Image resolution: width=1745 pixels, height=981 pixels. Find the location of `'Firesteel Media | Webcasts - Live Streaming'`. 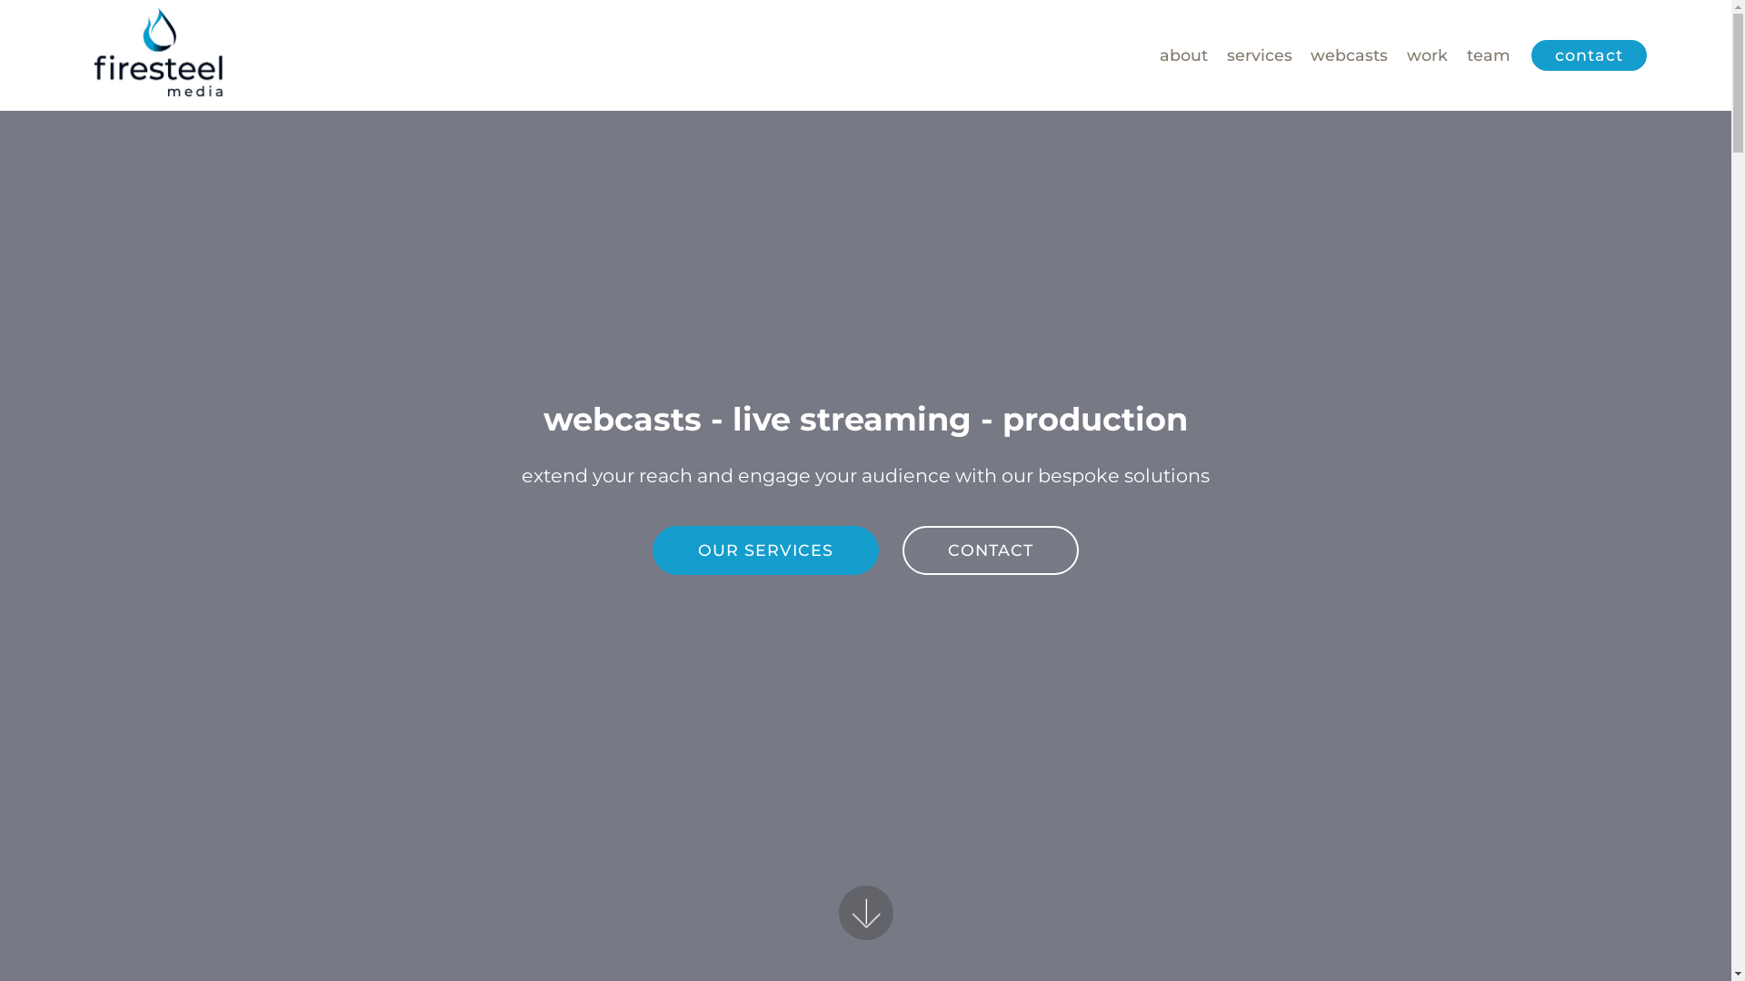

'Firesteel Media | Webcasts - Live Streaming' is located at coordinates (159, 54).